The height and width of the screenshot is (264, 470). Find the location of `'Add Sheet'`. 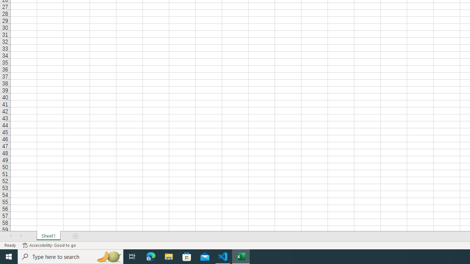

'Add Sheet' is located at coordinates (76, 236).